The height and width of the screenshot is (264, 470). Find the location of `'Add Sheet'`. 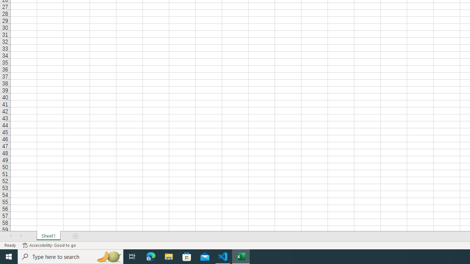

'Add Sheet' is located at coordinates (76, 236).